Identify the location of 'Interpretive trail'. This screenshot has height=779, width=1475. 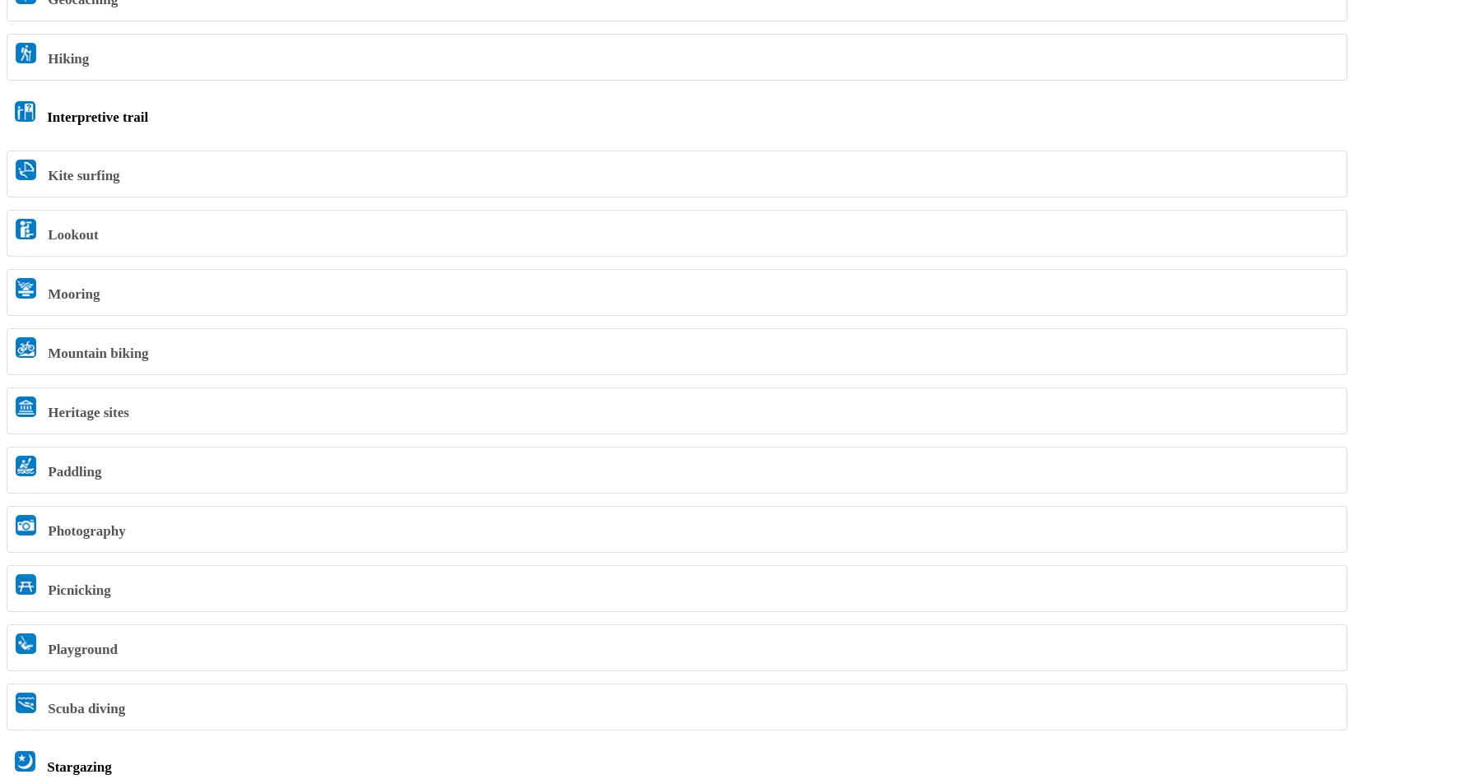
(95, 115).